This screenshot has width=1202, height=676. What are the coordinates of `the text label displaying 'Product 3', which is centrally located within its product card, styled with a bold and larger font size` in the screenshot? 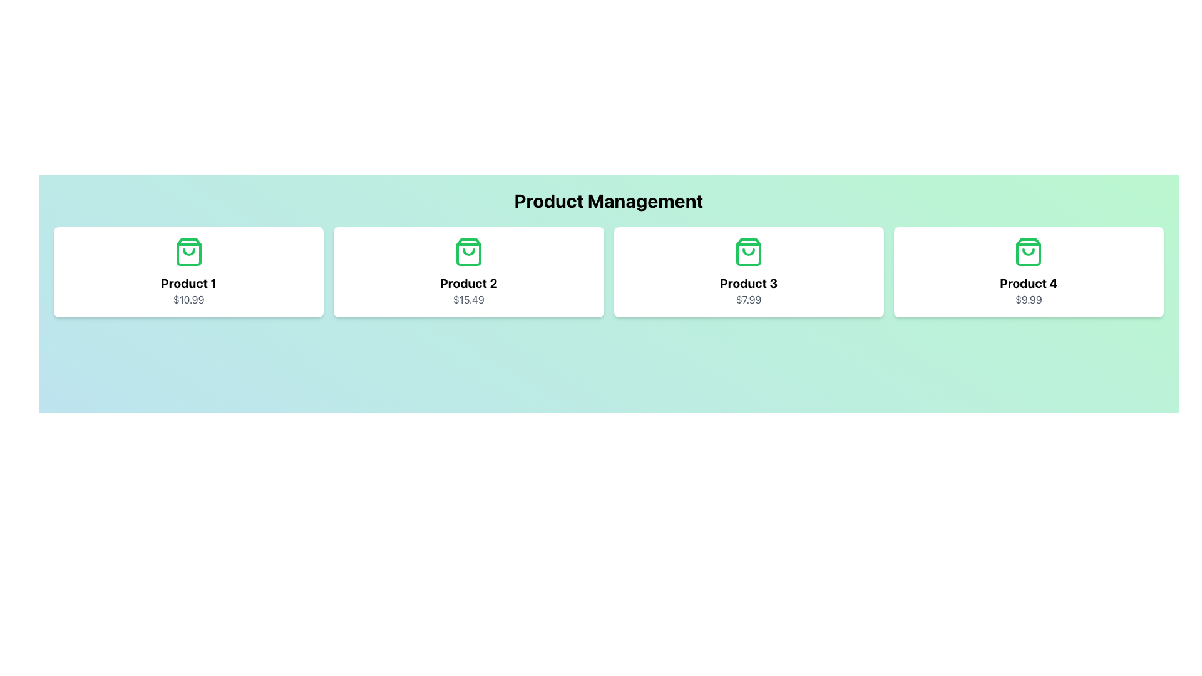 It's located at (749, 283).